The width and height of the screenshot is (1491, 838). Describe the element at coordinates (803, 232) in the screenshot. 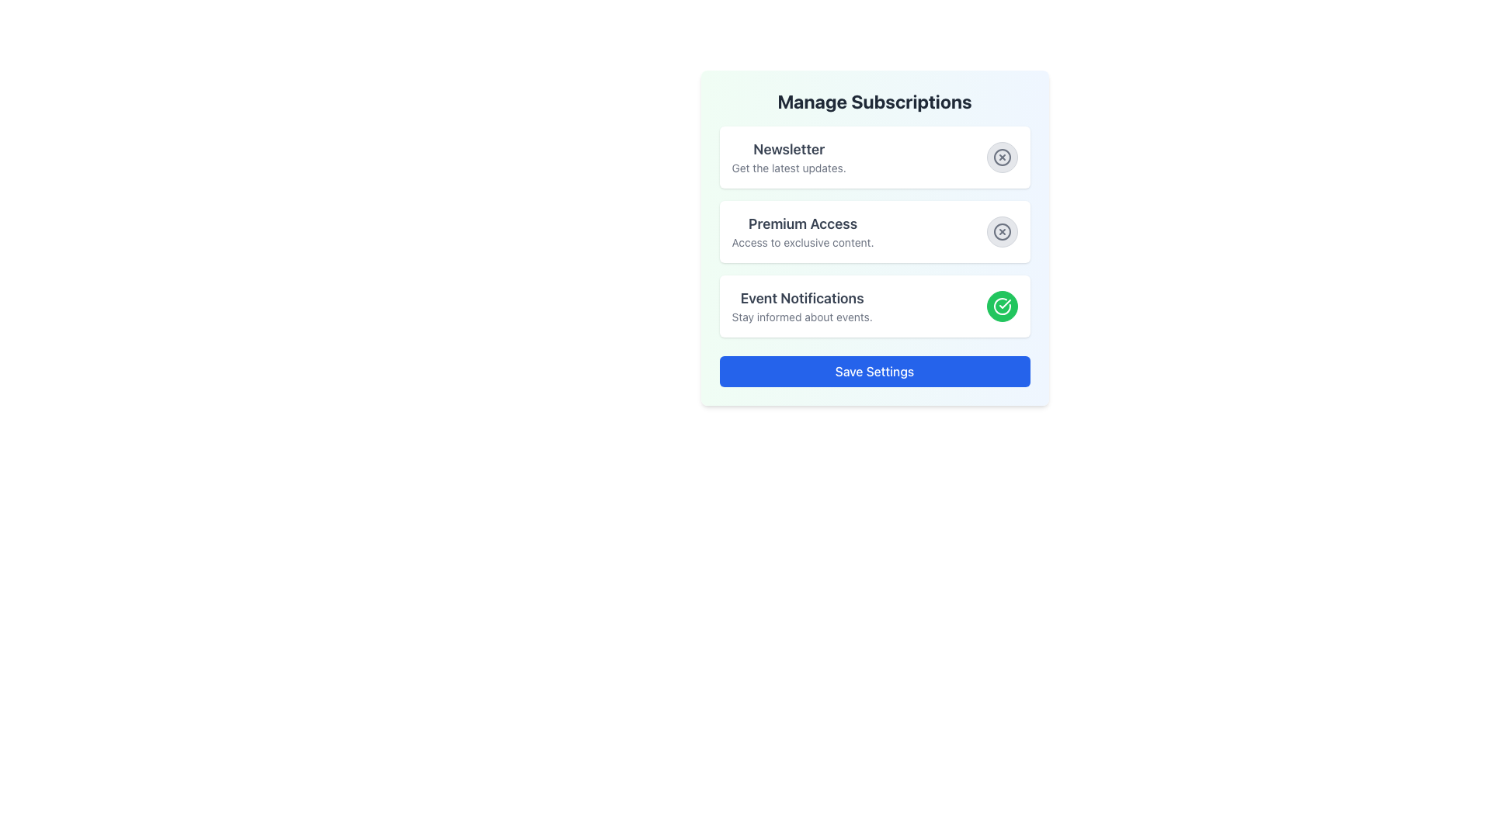

I see `the 'Premium Access' text label, which is the second item in the subscription options under 'Manage Subscriptions.'` at that location.